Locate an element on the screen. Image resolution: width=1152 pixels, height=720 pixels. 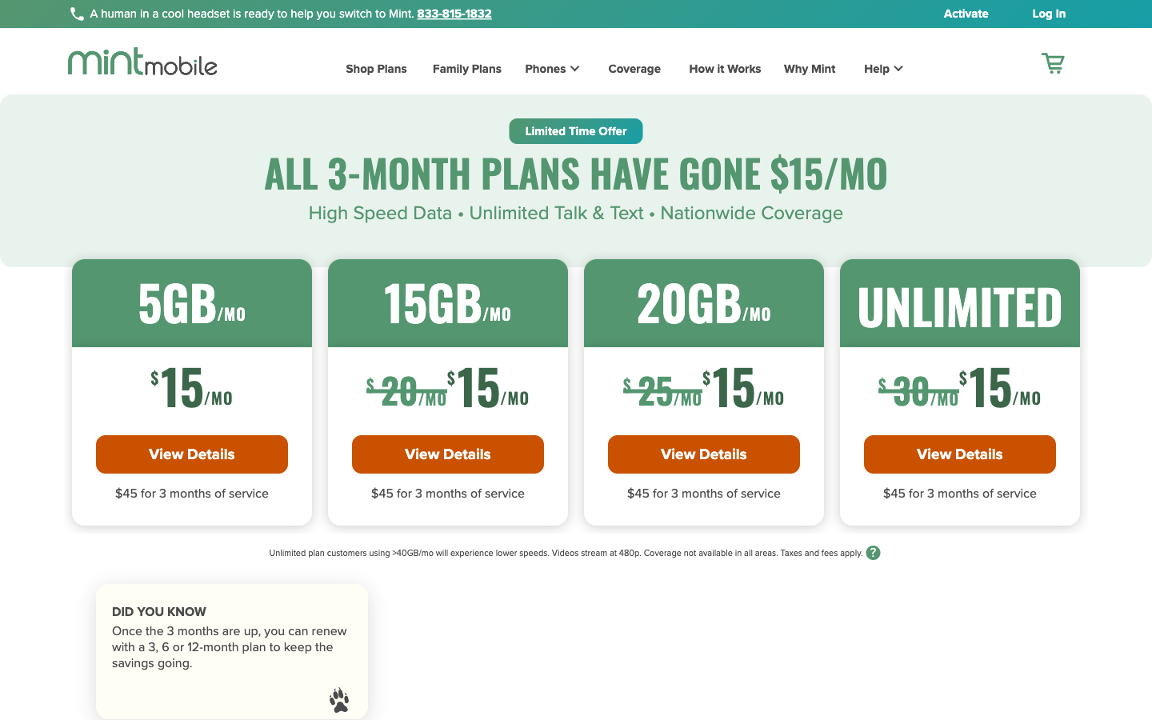
the authentication page is located at coordinates (1039, 13).